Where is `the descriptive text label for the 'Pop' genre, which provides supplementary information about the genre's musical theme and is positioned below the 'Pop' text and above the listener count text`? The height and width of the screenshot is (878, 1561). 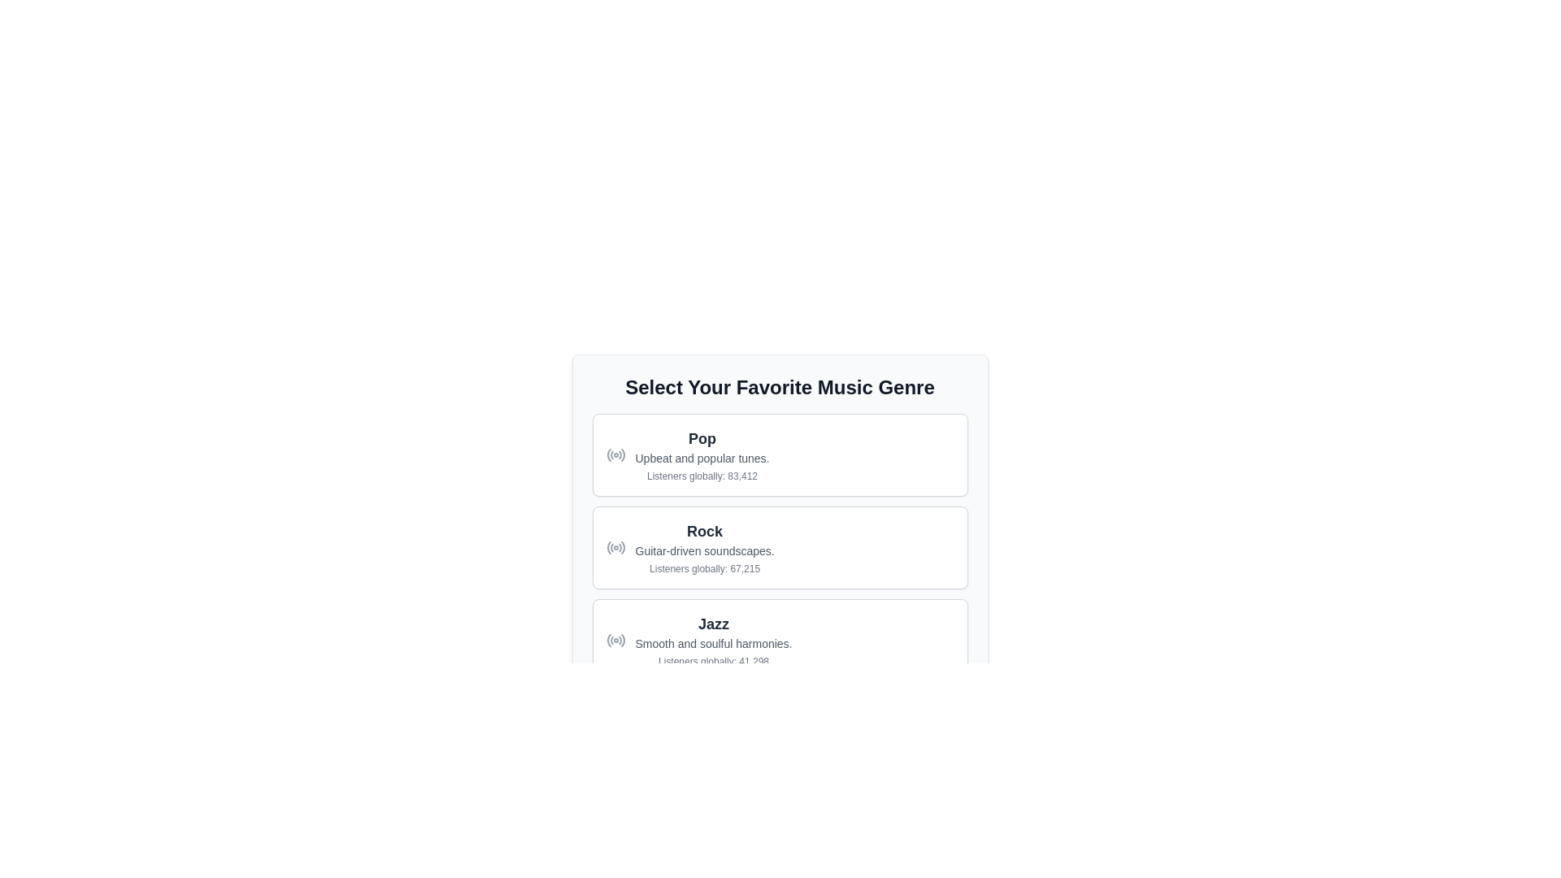
the descriptive text label for the 'Pop' genre, which provides supplementary information about the genre's musical theme and is positioned below the 'Pop' text and above the listener count text is located at coordinates (702, 458).